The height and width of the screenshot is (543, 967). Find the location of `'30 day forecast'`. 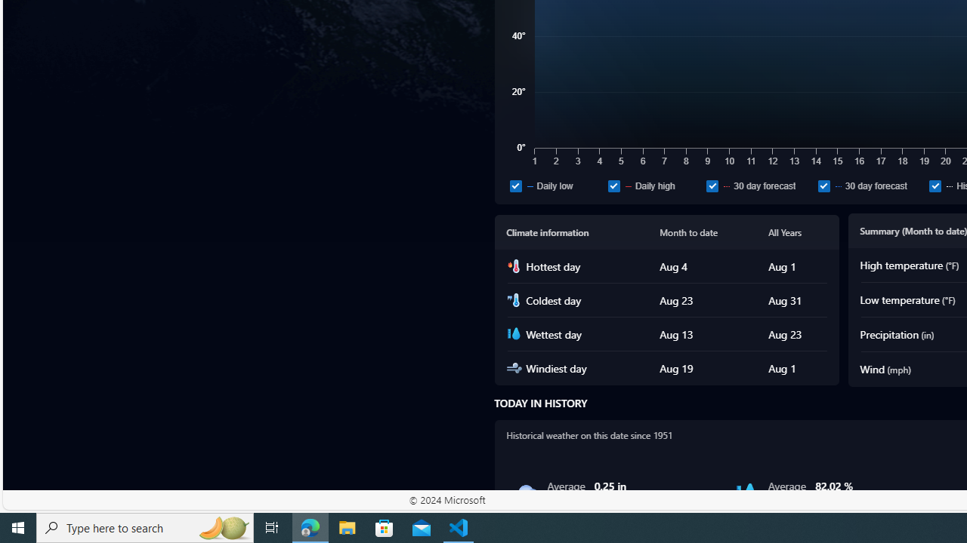

'30 day forecast' is located at coordinates (823, 185).